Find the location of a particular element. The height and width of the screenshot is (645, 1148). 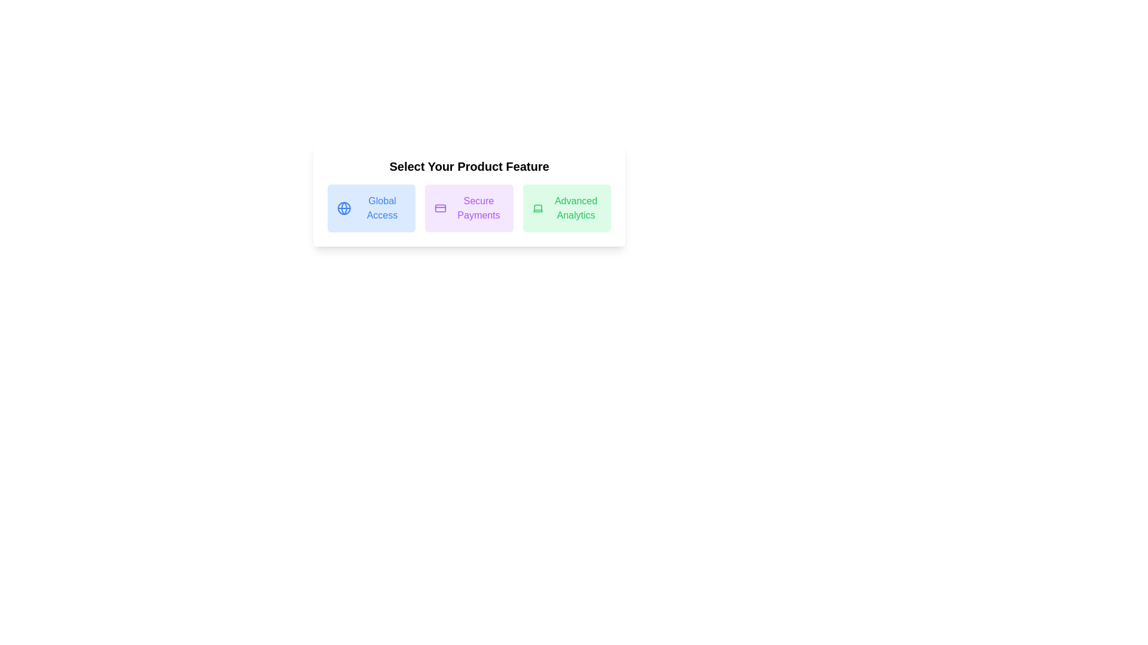

the blue circular graphic icon labeled 'Global Access', which is centrally located within a grid structure and has a white outline is located at coordinates (343, 207).